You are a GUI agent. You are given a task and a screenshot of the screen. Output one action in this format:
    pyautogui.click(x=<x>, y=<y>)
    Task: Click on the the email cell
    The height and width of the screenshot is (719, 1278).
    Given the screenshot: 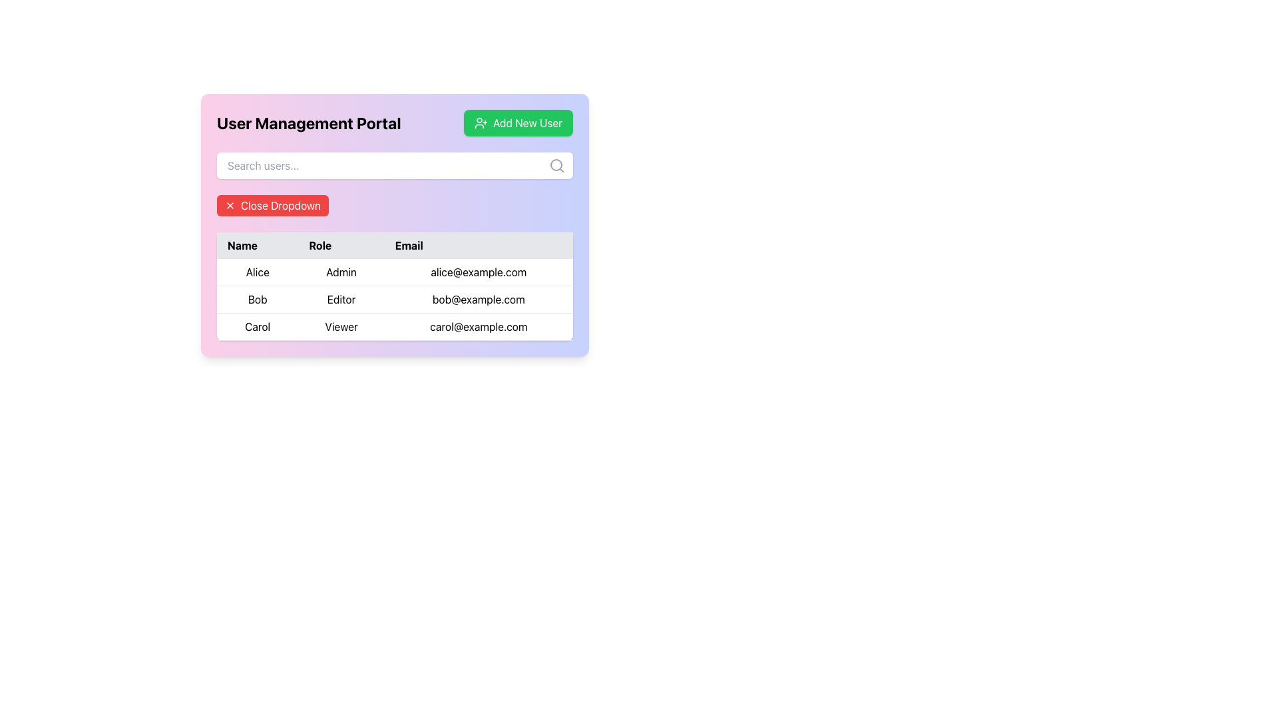 What is the action you would take?
    pyautogui.click(x=394, y=300)
    